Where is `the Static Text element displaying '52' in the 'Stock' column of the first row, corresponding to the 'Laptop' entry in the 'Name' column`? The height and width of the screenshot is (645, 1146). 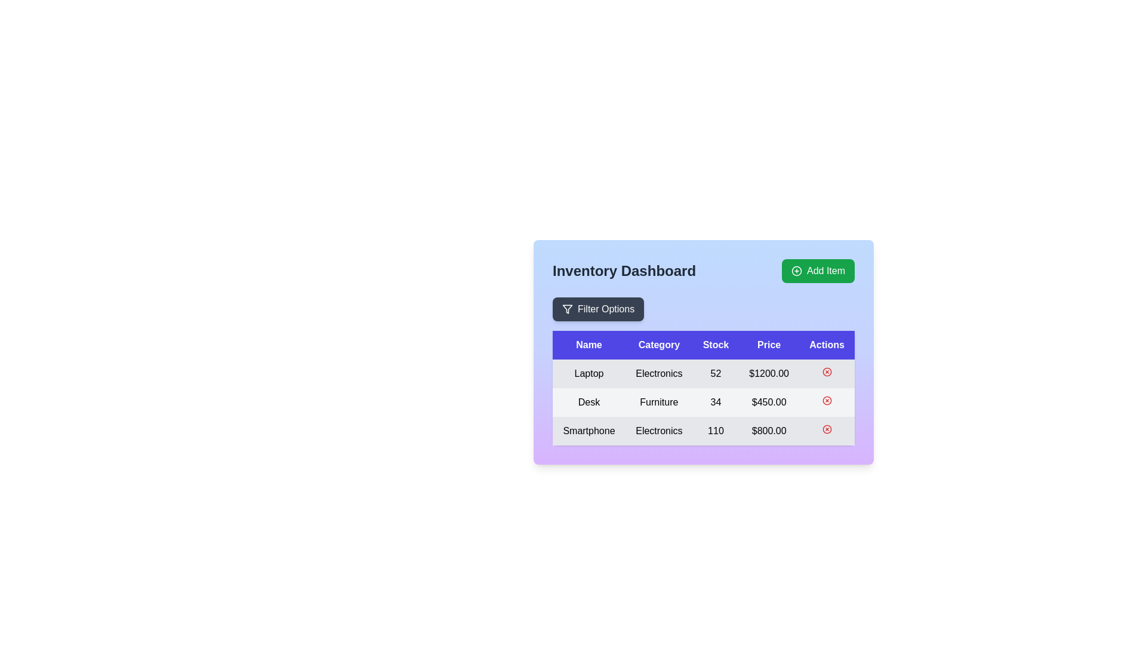 the Static Text element displaying '52' in the 'Stock' column of the first row, corresponding to the 'Laptop' entry in the 'Name' column is located at coordinates (716, 373).